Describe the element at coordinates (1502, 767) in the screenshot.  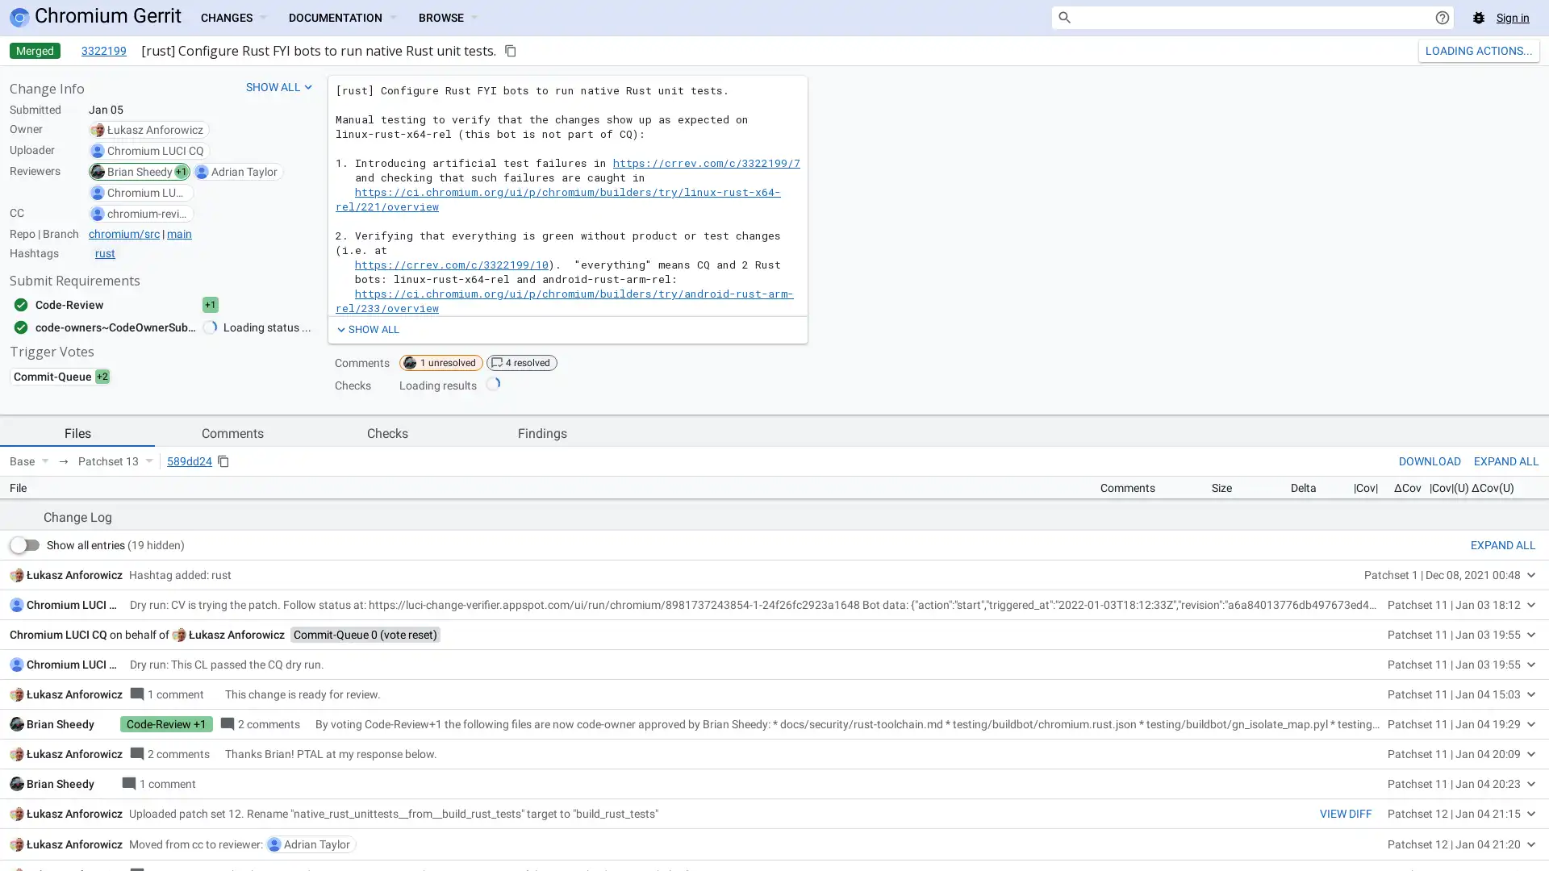
I see `EXPAND ALL` at that location.